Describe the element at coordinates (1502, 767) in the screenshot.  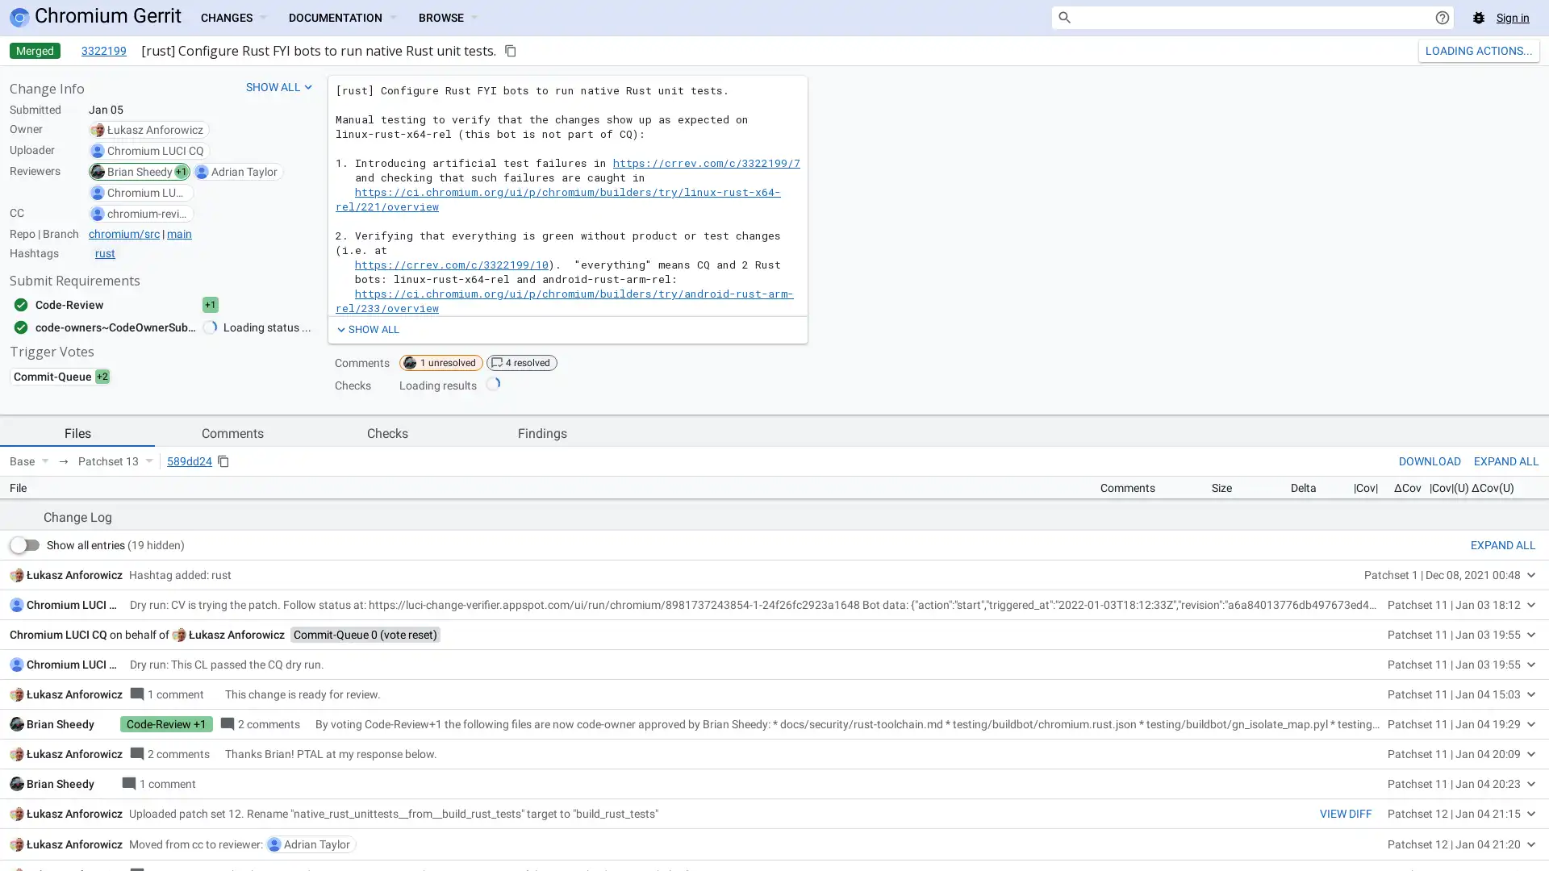
I see `EXPAND ALL` at that location.